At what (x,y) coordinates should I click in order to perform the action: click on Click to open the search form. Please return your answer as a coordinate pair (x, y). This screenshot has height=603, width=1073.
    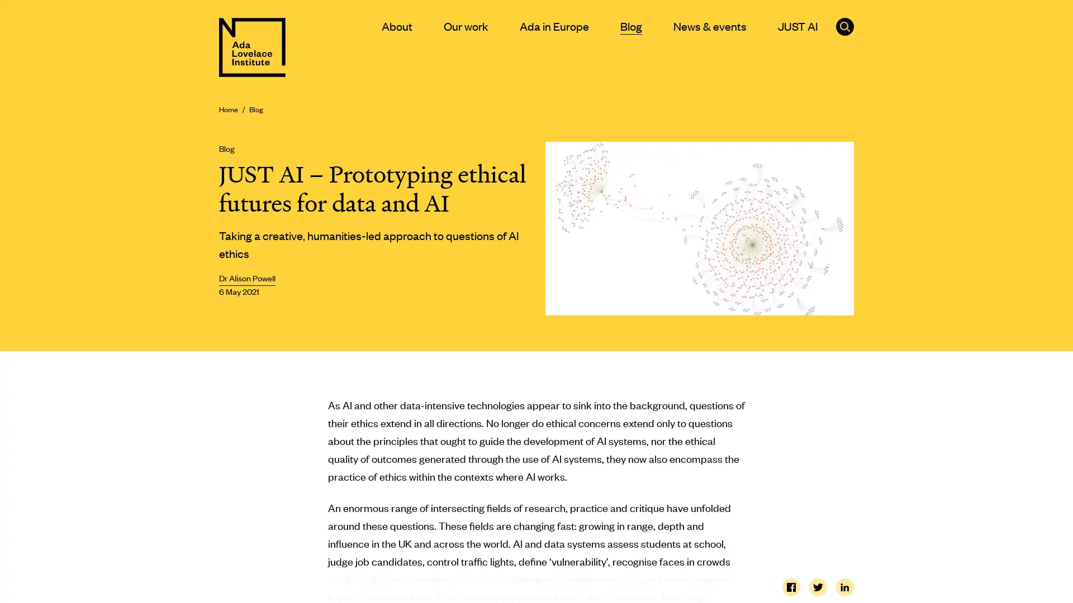
    Looking at the image, I should click on (845, 26).